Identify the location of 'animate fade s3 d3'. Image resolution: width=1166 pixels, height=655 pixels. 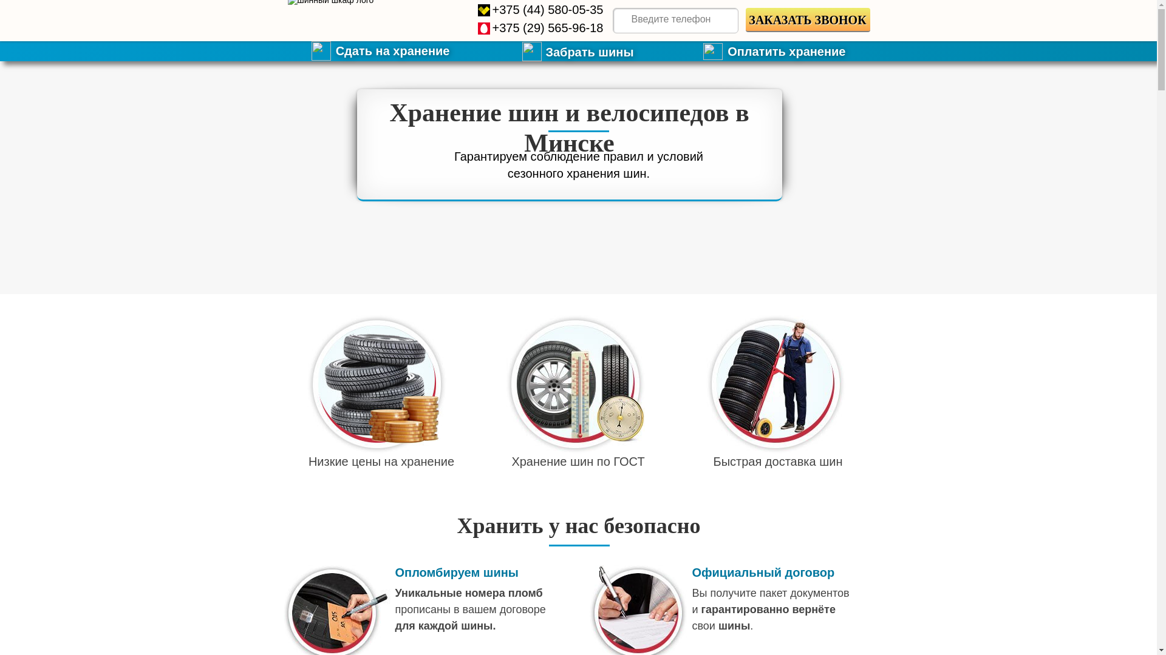
(774, 384).